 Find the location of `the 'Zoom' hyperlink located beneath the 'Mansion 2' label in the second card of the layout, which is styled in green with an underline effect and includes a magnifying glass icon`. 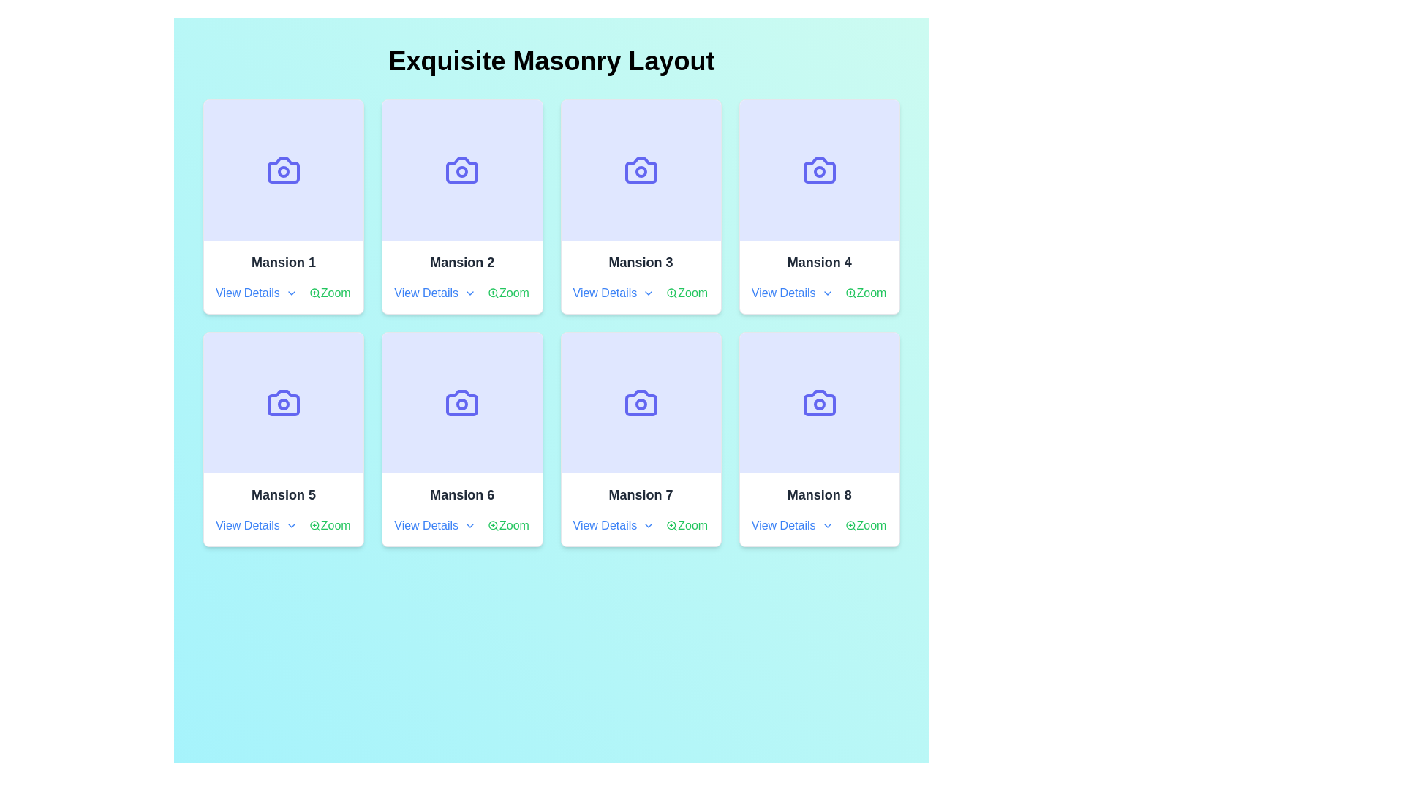

the 'Zoom' hyperlink located beneath the 'Mansion 2' label in the second card of the layout, which is styled in green with an underline effect and includes a magnifying glass icon is located at coordinates (508, 293).